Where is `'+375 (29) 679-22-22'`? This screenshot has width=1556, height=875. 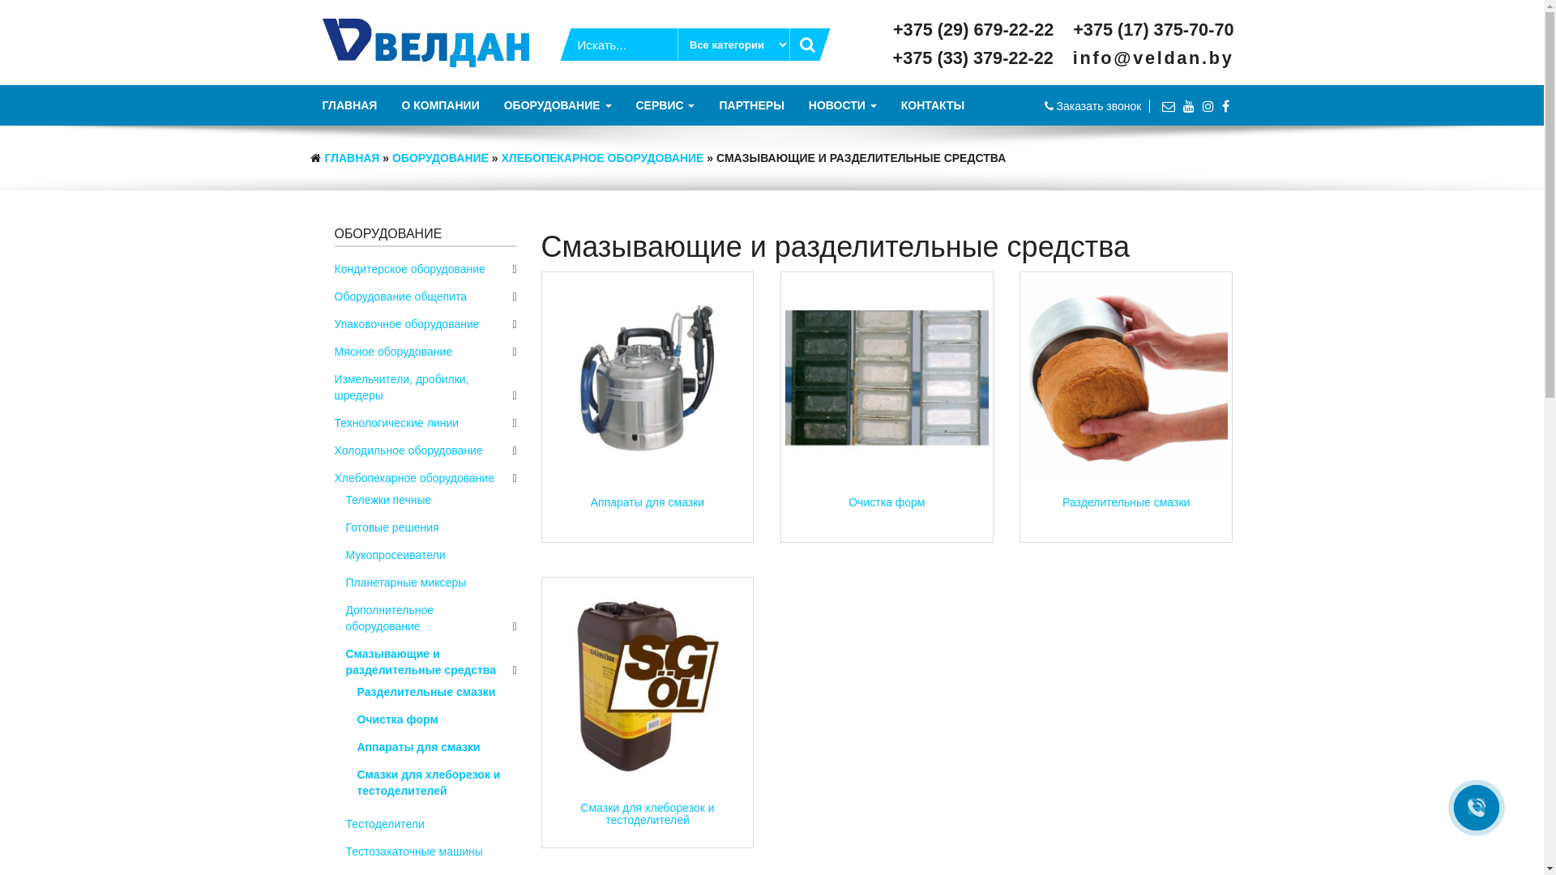 '+375 (29) 679-22-22' is located at coordinates (976, 29).